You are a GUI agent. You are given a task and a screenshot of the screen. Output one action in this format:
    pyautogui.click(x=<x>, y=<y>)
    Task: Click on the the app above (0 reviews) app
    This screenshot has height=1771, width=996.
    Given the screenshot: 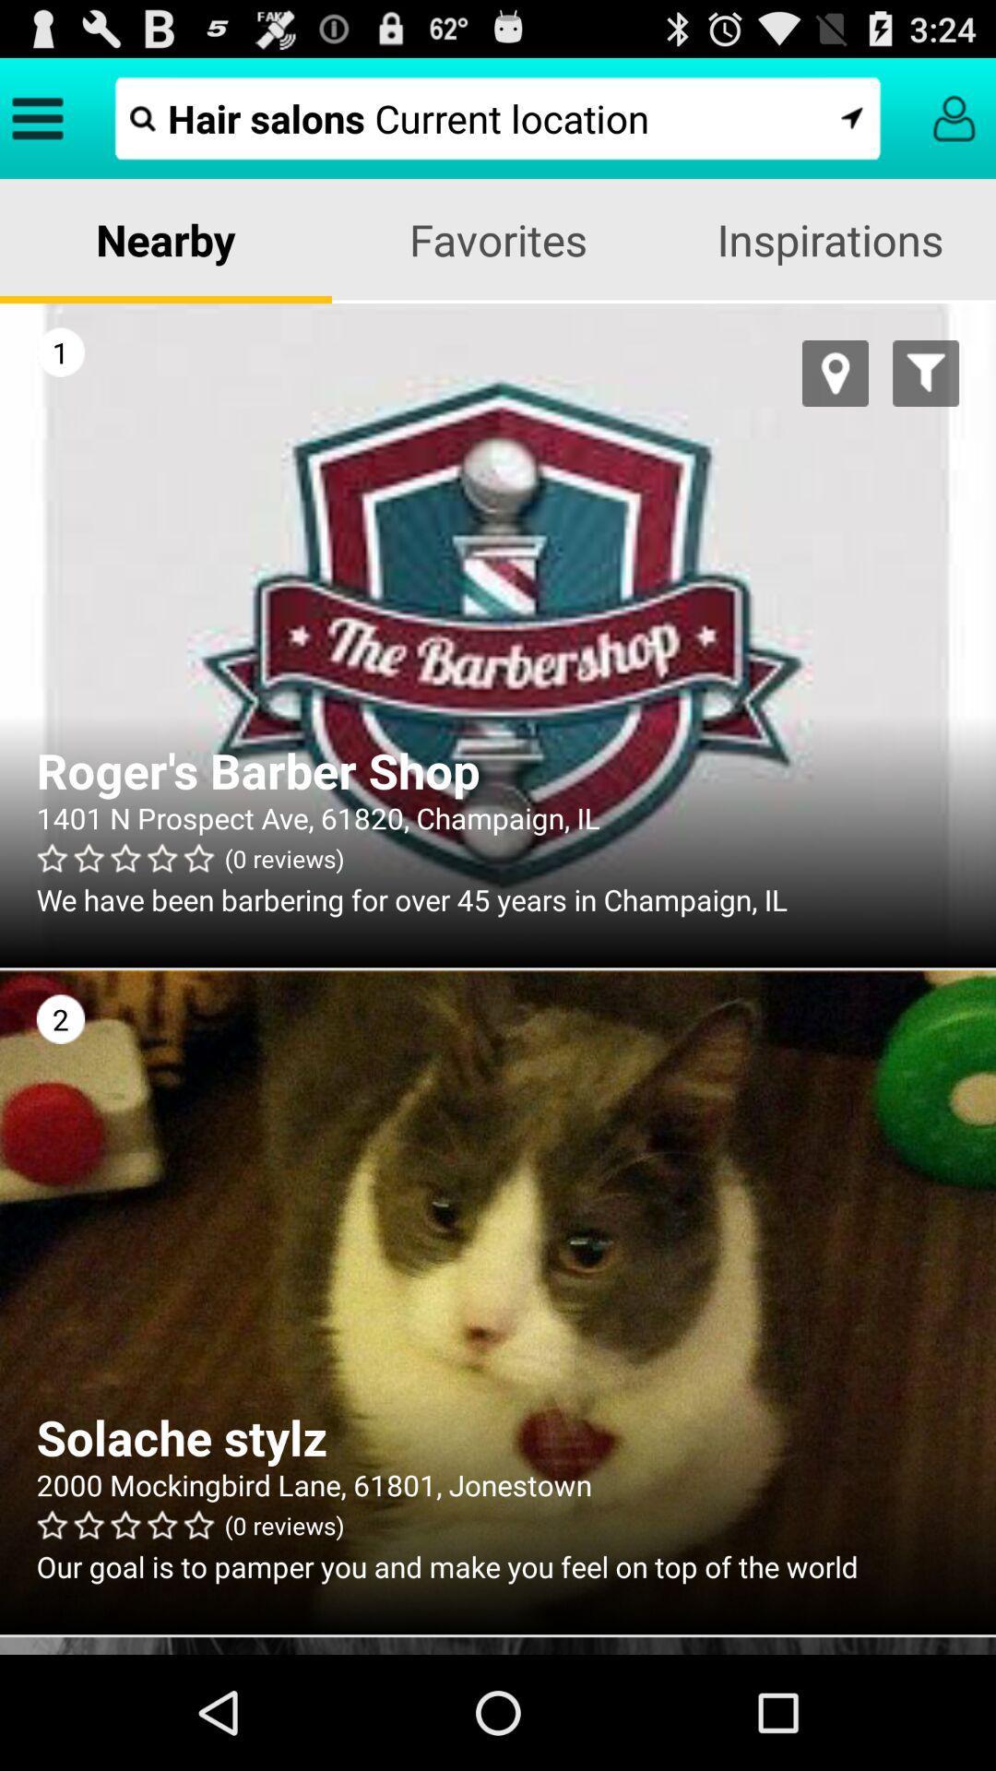 What is the action you would take?
    pyautogui.click(x=498, y=770)
    